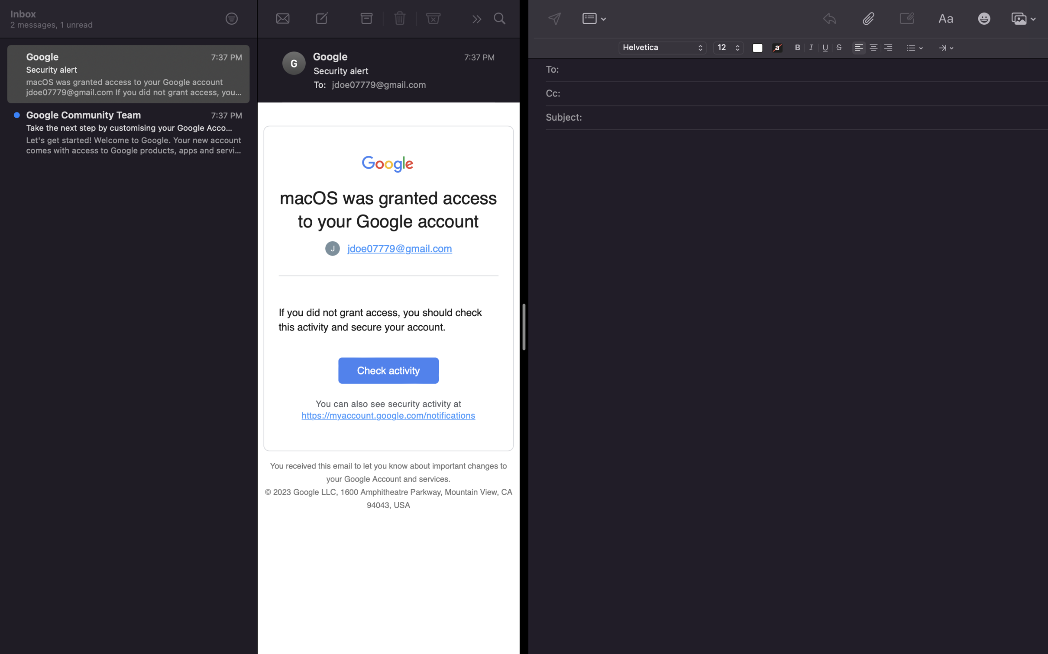 This screenshot has width=1048, height=654. Describe the element at coordinates (798, 47) in the screenshot. I see `Make the font bold` at that location.